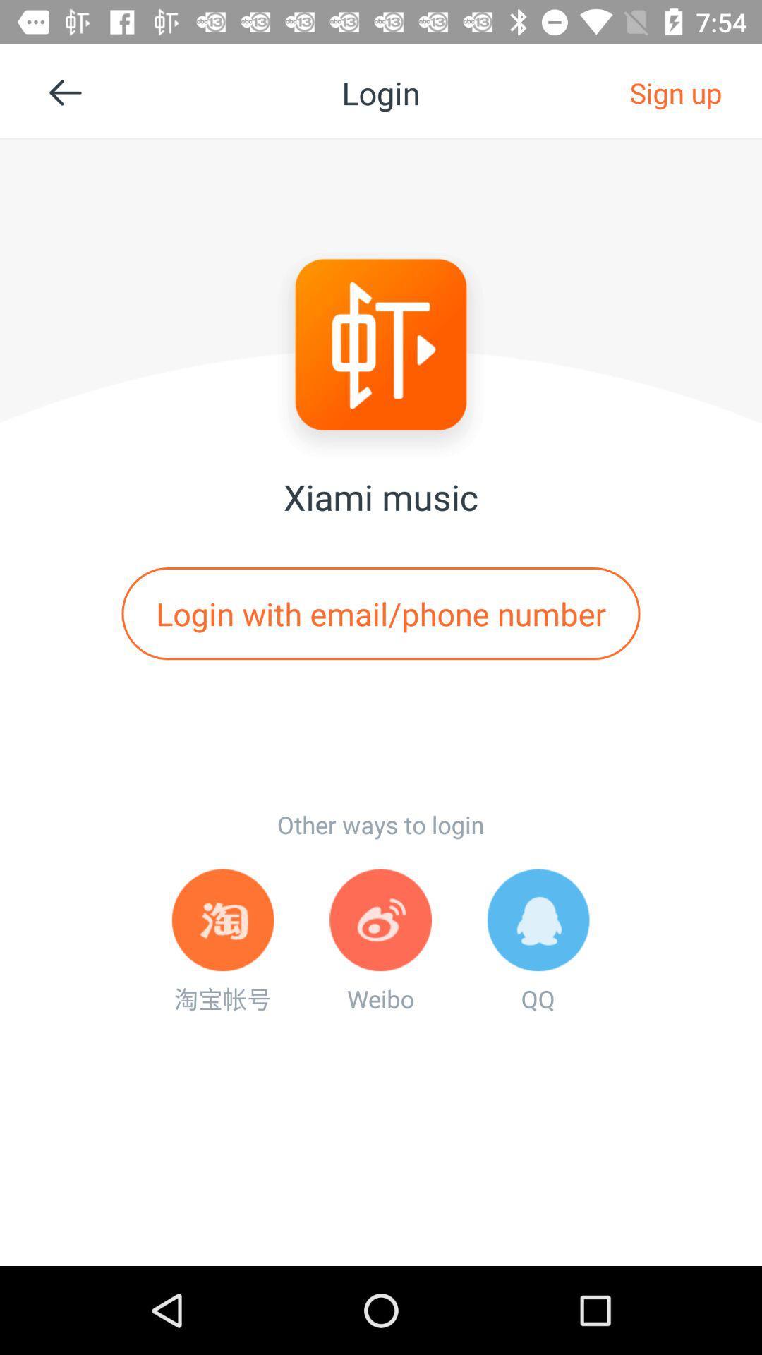 The height and width of the screenshot is (1355, 762). I want to click on the item at the bottom left corner, so click(222, 941).